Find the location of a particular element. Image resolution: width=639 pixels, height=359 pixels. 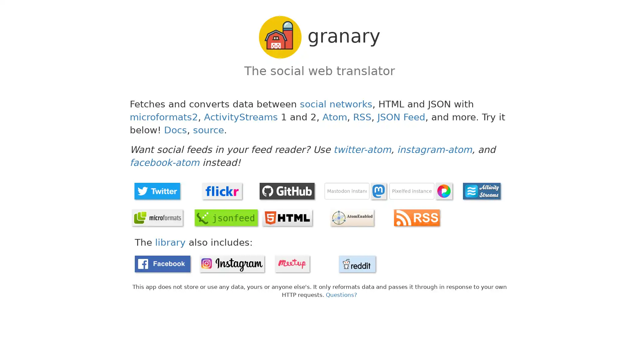

Twitter is located at coordinates (156, 191).